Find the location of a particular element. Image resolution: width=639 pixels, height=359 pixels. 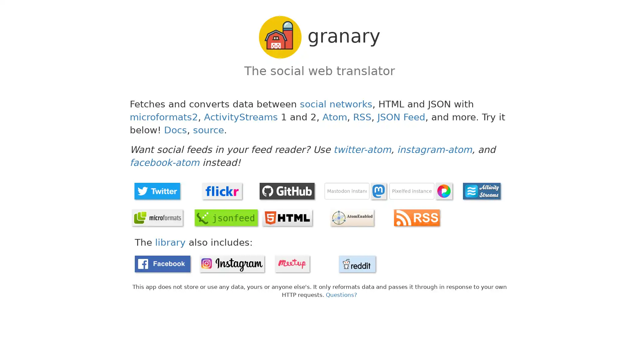

Twitter is located at coordinates (156, 191).